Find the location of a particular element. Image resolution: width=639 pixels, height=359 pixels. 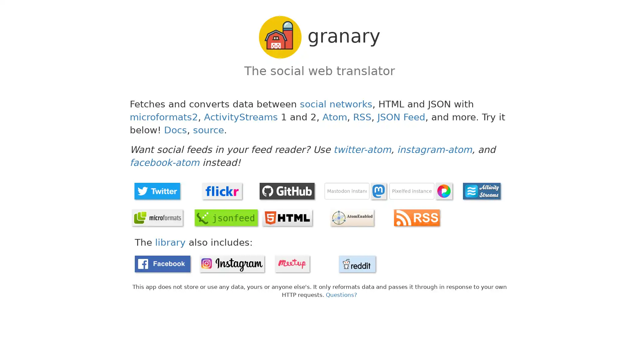

Twitter is located at coordinates (156, 191).